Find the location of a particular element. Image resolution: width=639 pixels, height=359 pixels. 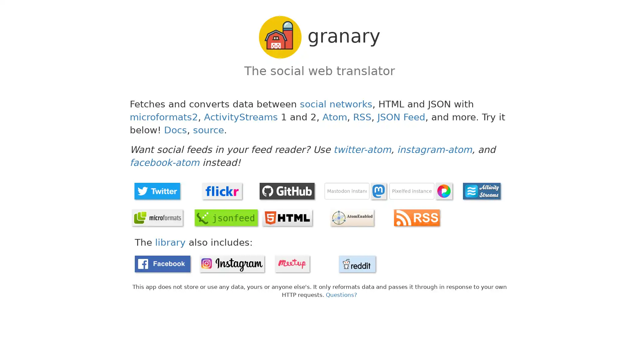

Twitter is located at coordinates (156, 191).